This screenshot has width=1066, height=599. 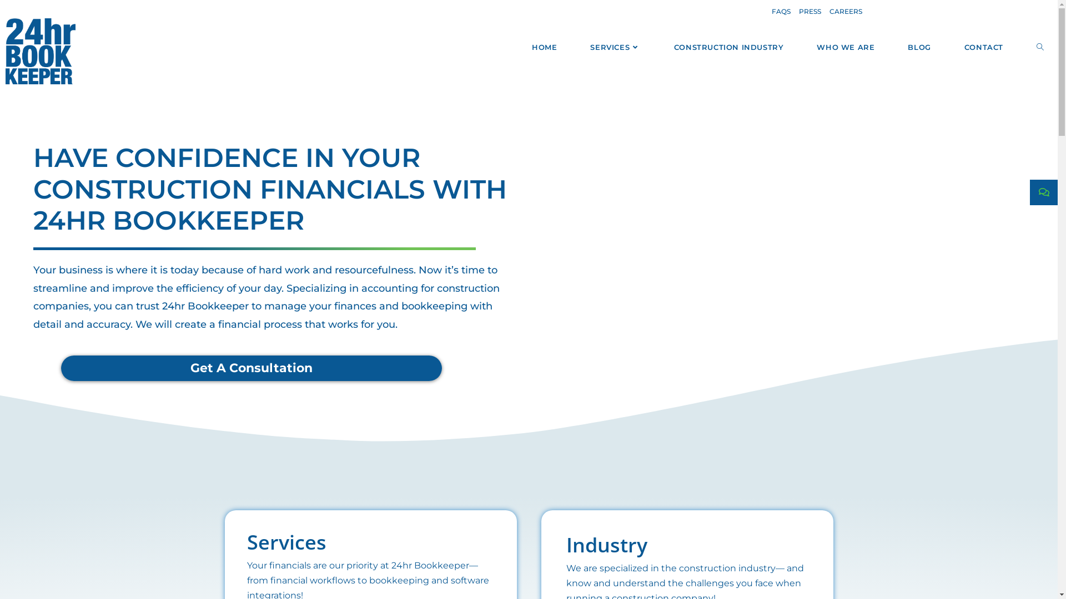 What do you see at coordinates (919, 46) in the screenshot?
I see `'BLOG'` at bounding box center [919, 46].